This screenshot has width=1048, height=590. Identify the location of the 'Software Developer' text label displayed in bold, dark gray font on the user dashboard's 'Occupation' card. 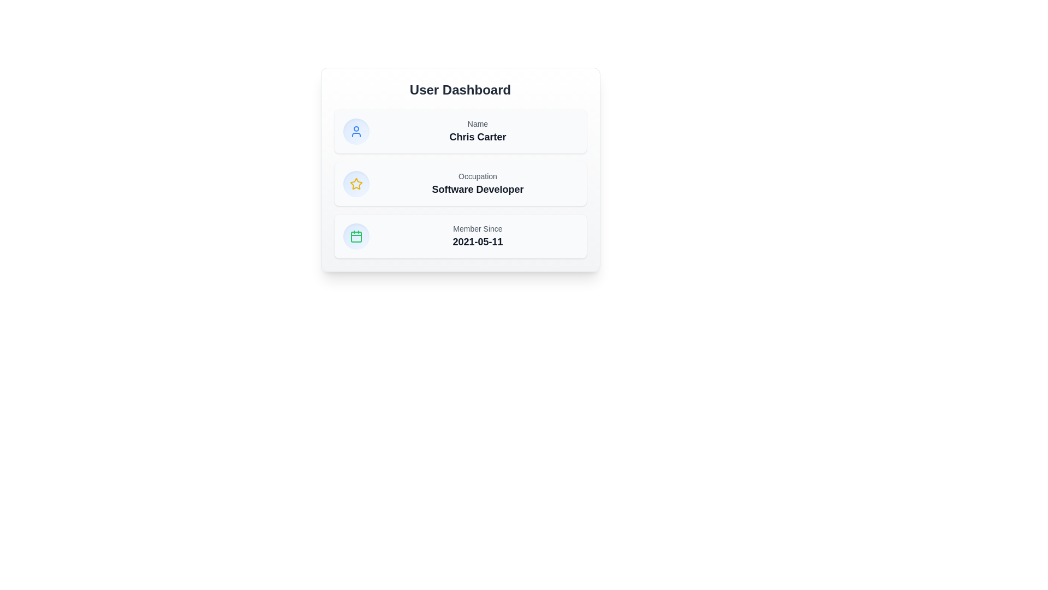
(478, 189).